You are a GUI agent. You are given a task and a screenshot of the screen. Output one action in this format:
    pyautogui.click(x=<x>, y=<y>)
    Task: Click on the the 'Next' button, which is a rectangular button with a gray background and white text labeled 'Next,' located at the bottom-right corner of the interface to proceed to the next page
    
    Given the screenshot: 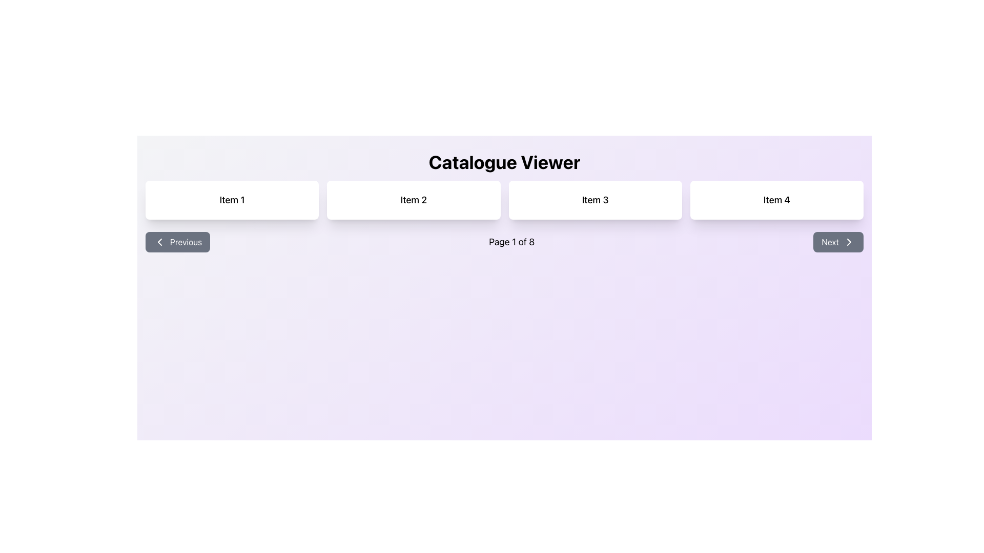 What is the action you would take?
    pyautogui.click(x=838, y=242)
    